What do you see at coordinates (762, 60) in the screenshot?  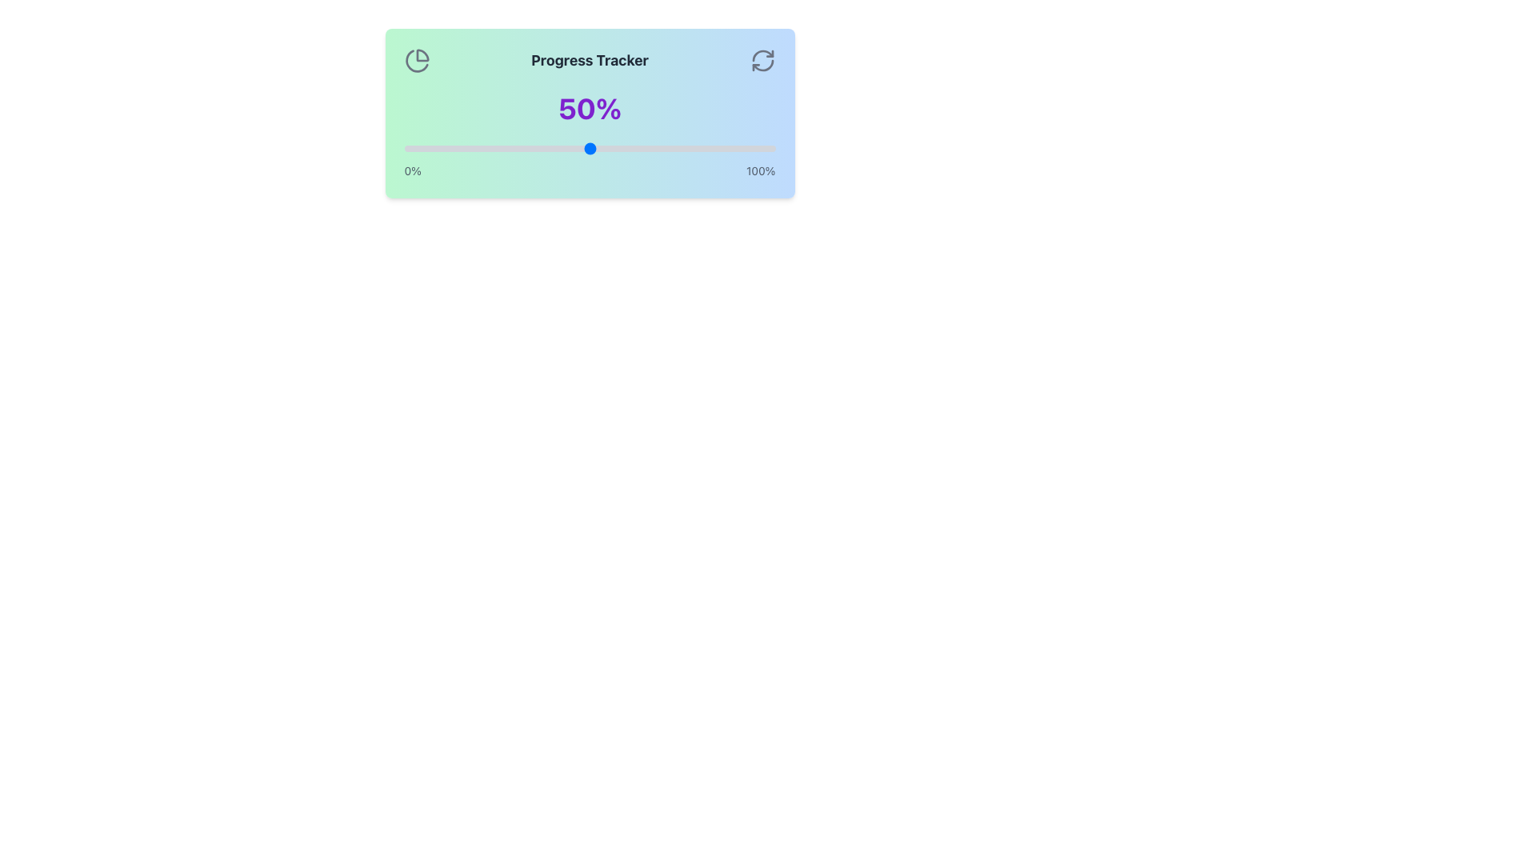 I see `the refresh icon located at the top-right corner of the 'Progress Tracker' section to refresh the associated progress or data` at bounding box center [762, 60].